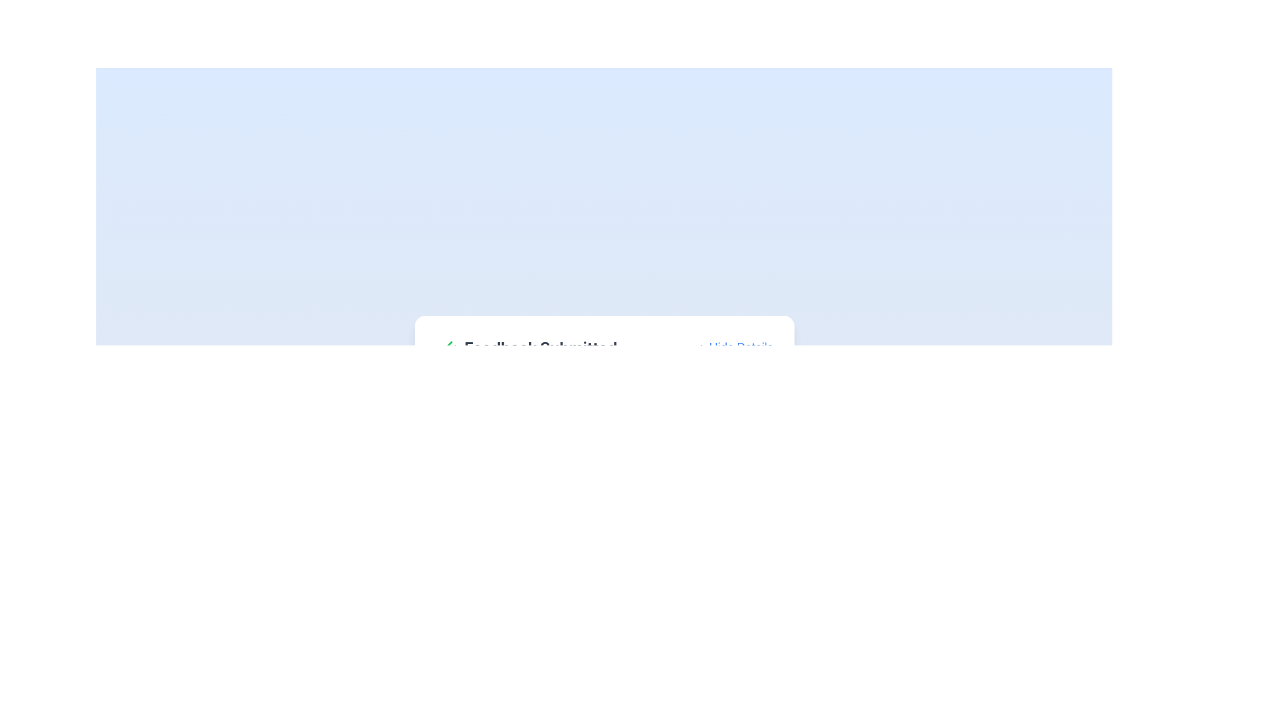 The width and height of the screenshot is (1266, 712). Describe the element at coordinates (541, 346) in the screenshot. I see `the text label indicating successful user feedback submission, positioned to the right of a green checkmark icon` at that location.